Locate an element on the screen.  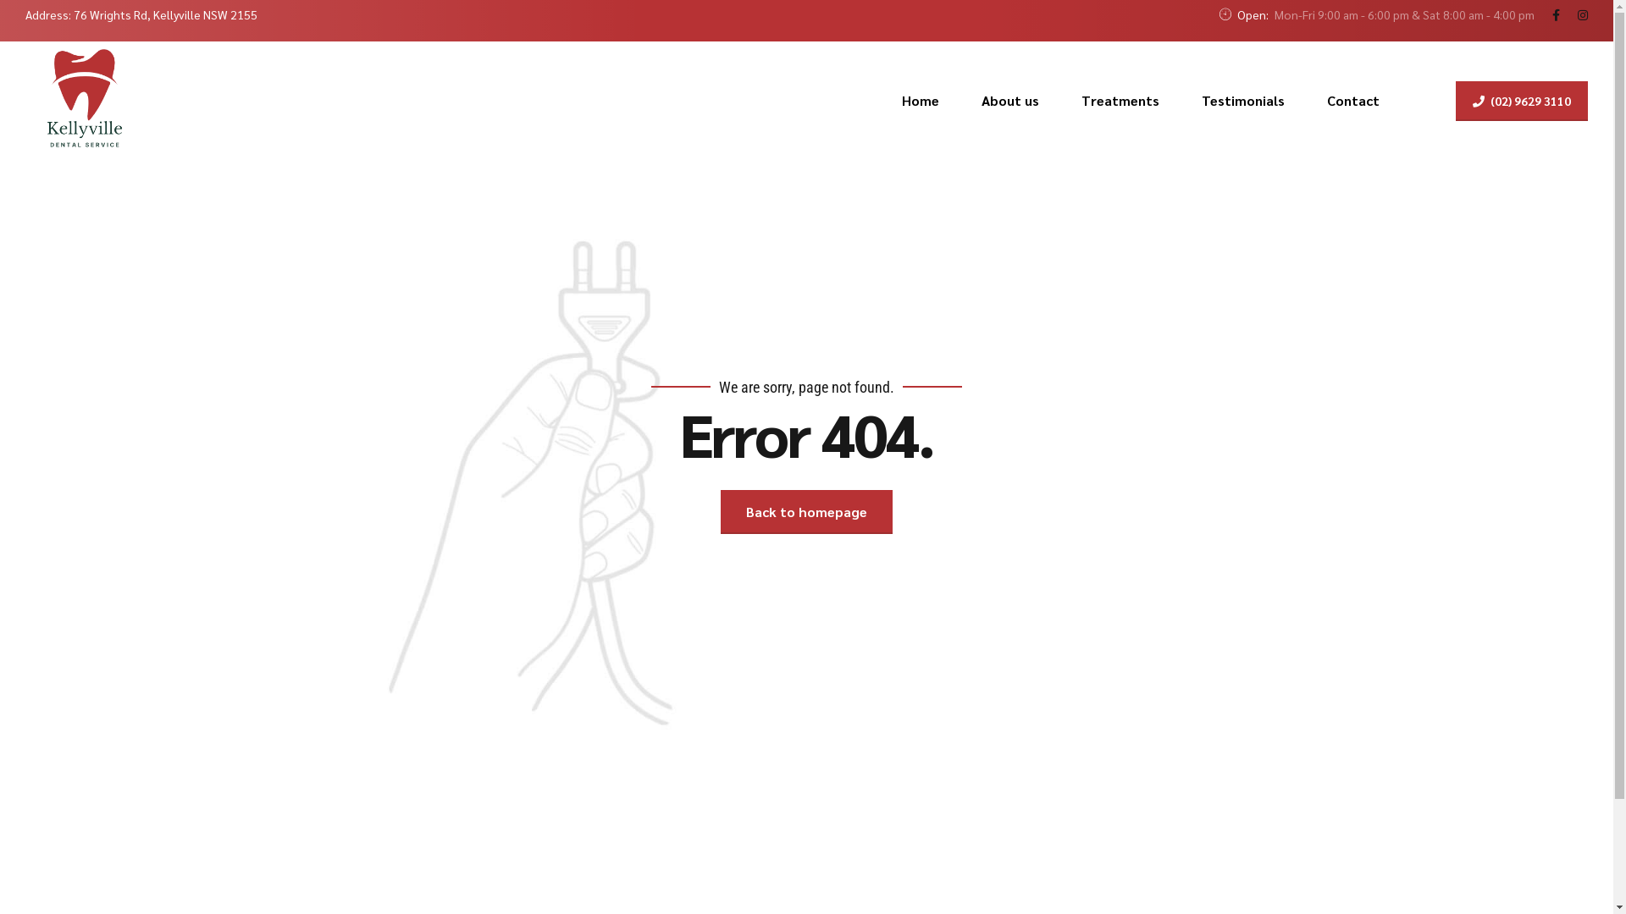
'Contact' is located at coordinates (1352, 101).